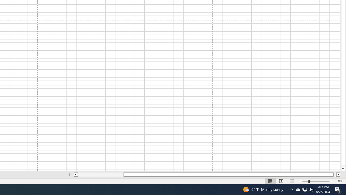  Describe the element at coordinates (281, 181) in the screenshot. I see `'Page Layout'` at that location.